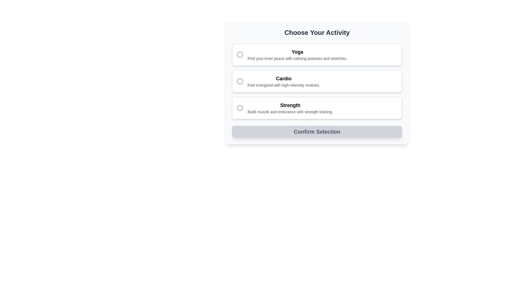 The height and width of the screenshot is (294, 523). What do you see at coordinates (290, 108) in the screenshot?
I see `text content of the Text block with the bold heading 'Strength' and the description 'Build muscle and endurance with strength training.' located at the bottom of the vertical list under 'Choose Your Activity'` at bounding box center [290, 108].